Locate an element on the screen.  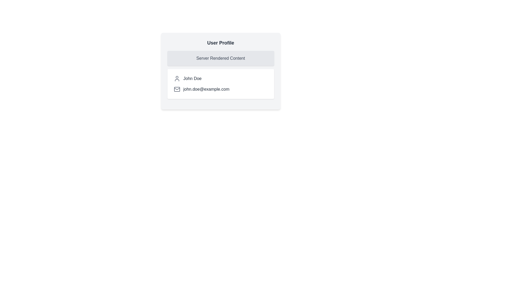
the label displaying the user's email address, which is located beneath the name 'John Doe' in the 'User Profile' section of the card layout is located at coordinates (221, 89).